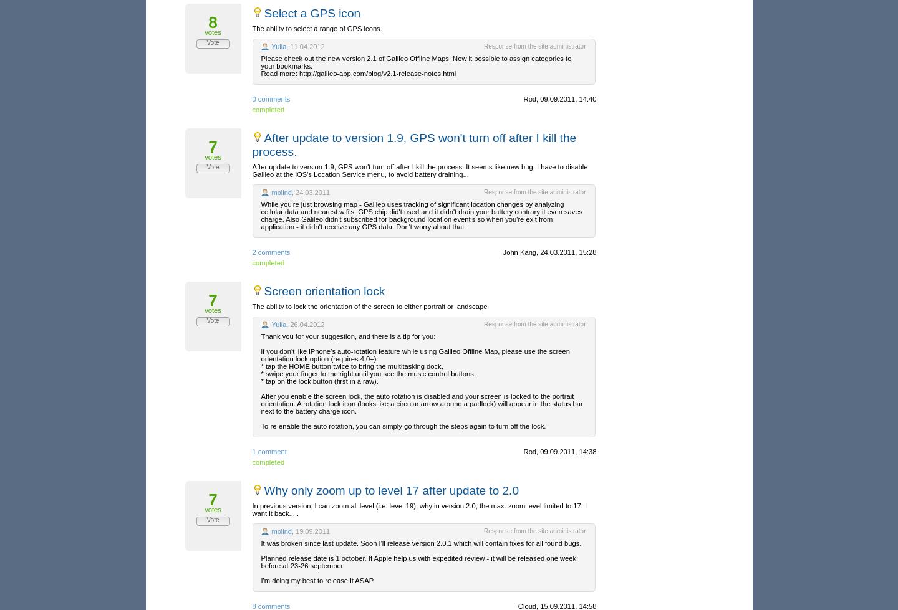  I want to click on 'In previous version, I can zoom all level (i.e. level 19), why in version 2.0, the max. zoom level limited to 17. I want it back.....', so click(419, 508).